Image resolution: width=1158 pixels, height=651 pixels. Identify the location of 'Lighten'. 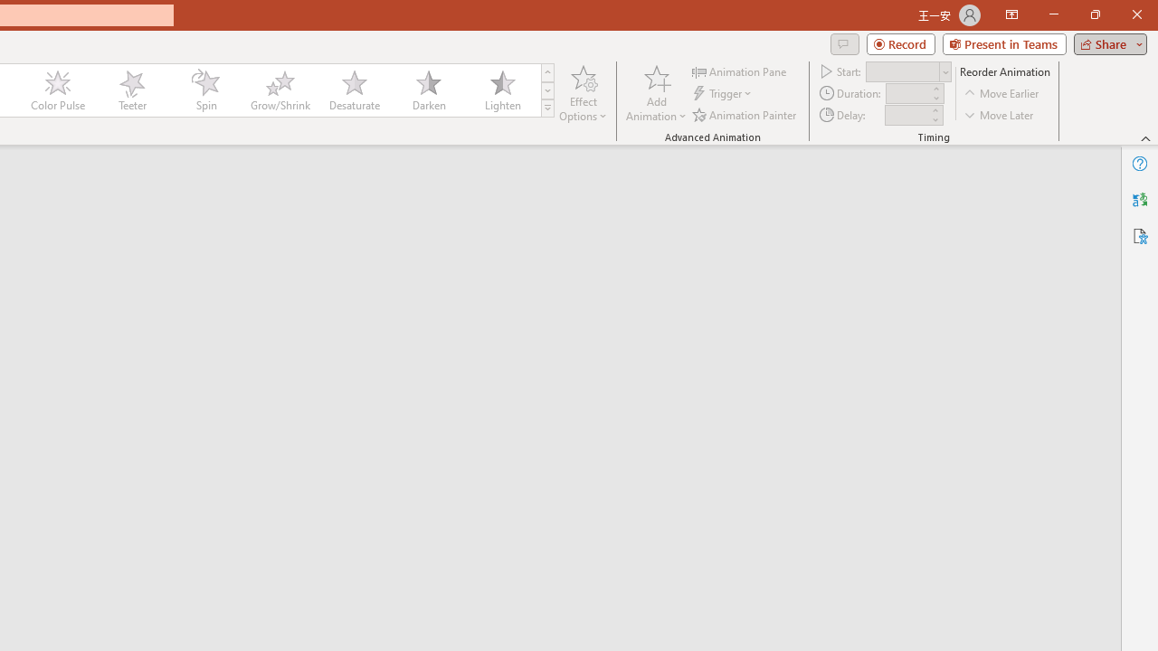
(502, 90).